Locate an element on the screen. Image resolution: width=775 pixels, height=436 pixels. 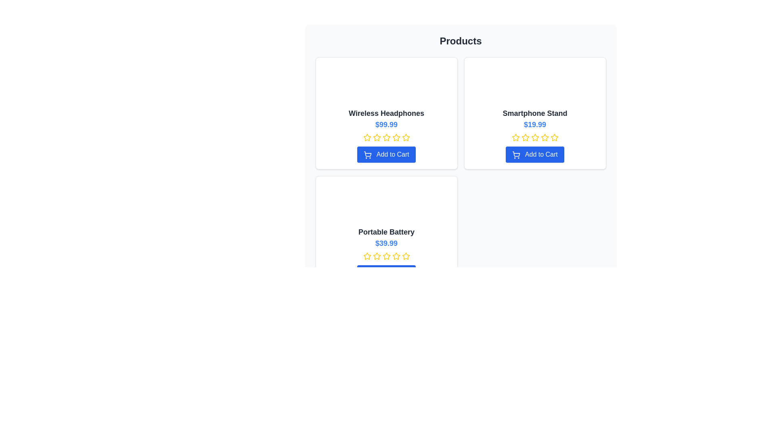
the fifth star icon in the rating component for the 'Wireless Headphones' product to interact with the rating system is located at coordinates (406, 137).